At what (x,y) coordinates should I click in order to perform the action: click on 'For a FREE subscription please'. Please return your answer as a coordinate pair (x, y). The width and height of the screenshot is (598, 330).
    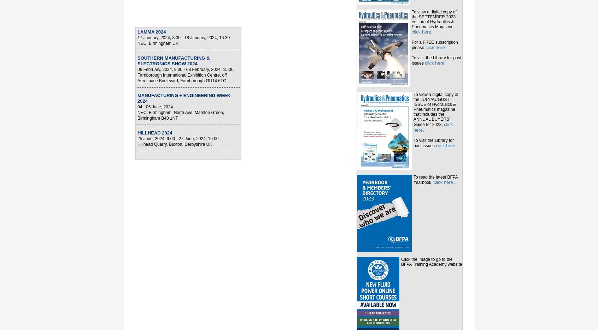
    Looking at the image, I should click on (435, 44).